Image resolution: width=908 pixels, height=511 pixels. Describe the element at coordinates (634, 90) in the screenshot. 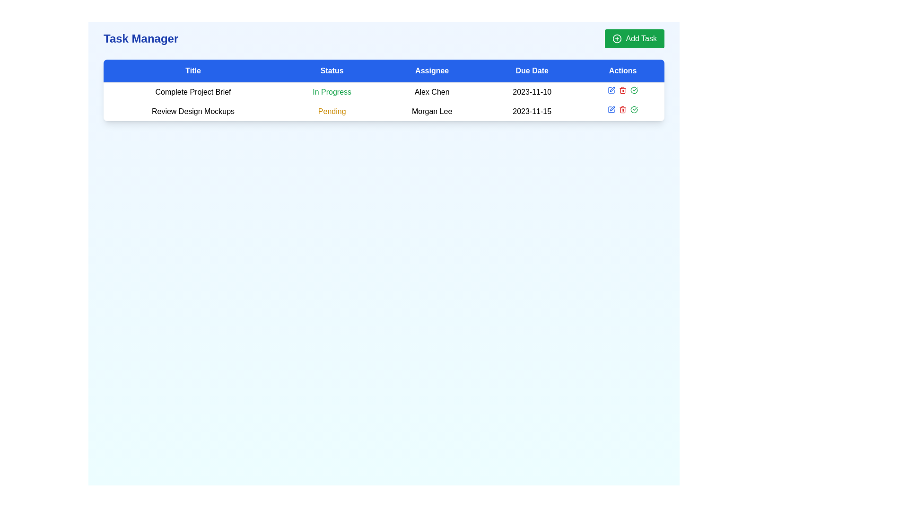

I see `the green check icon button in the 'Actions' column of the second row in the table` at that location.